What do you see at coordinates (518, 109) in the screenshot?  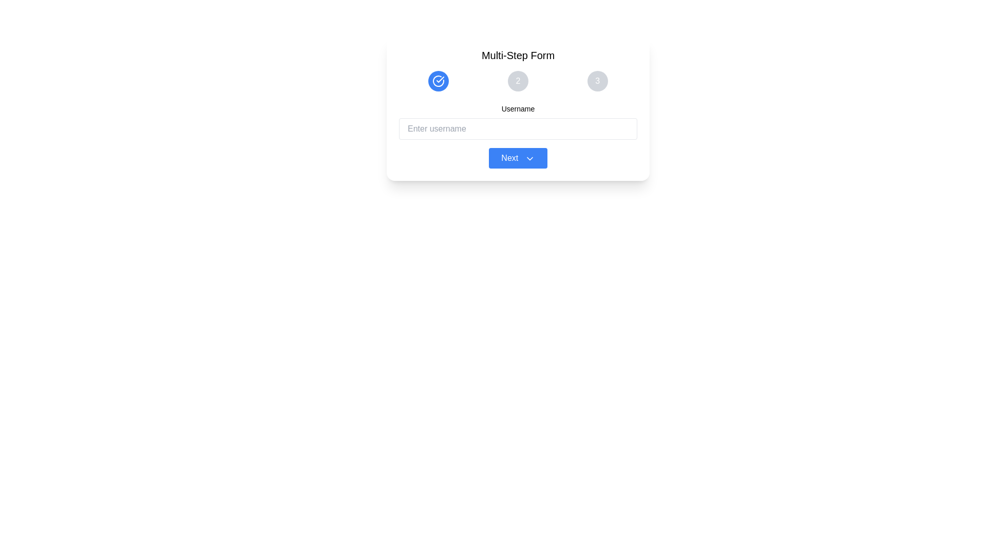 I see `the 'Username' label, which is a small, medium-weight text element centered above an input field in the form` at bounding box center [518, 109].